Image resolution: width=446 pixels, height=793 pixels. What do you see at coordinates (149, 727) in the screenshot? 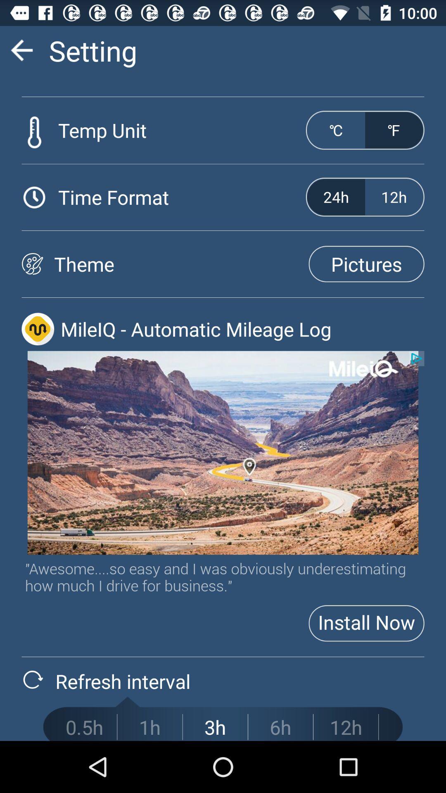
I see `the app below the refresh interval icon` at bounding box center [149, 727].